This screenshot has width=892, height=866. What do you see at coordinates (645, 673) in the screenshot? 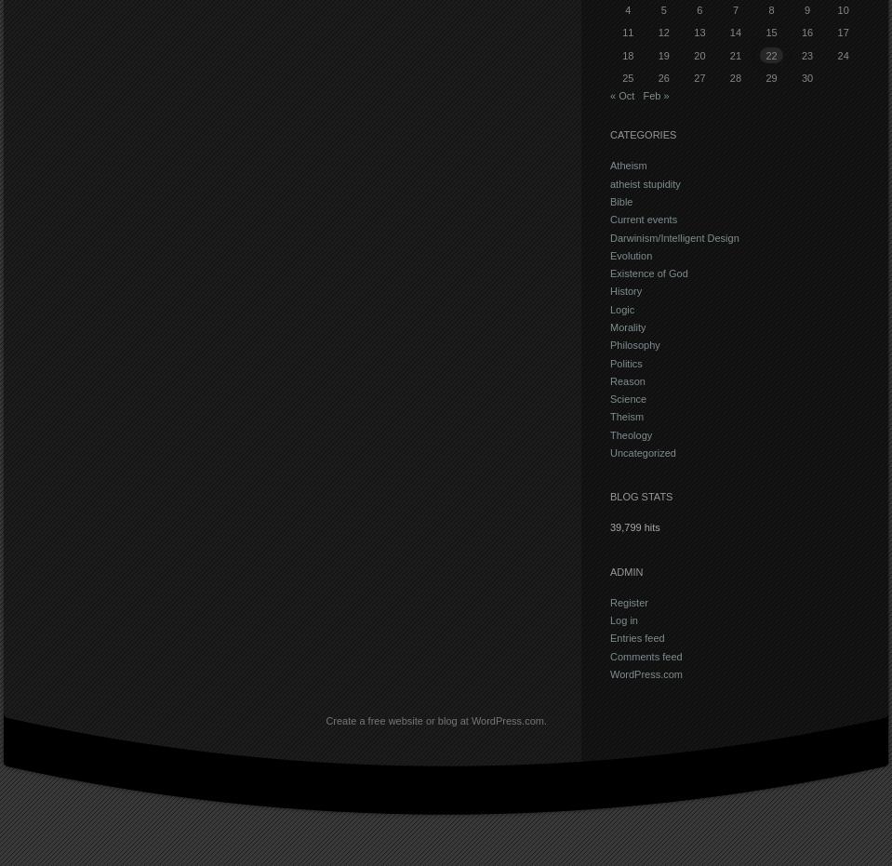
I see `'WordPress.com'` at bounding box center [645, 673].